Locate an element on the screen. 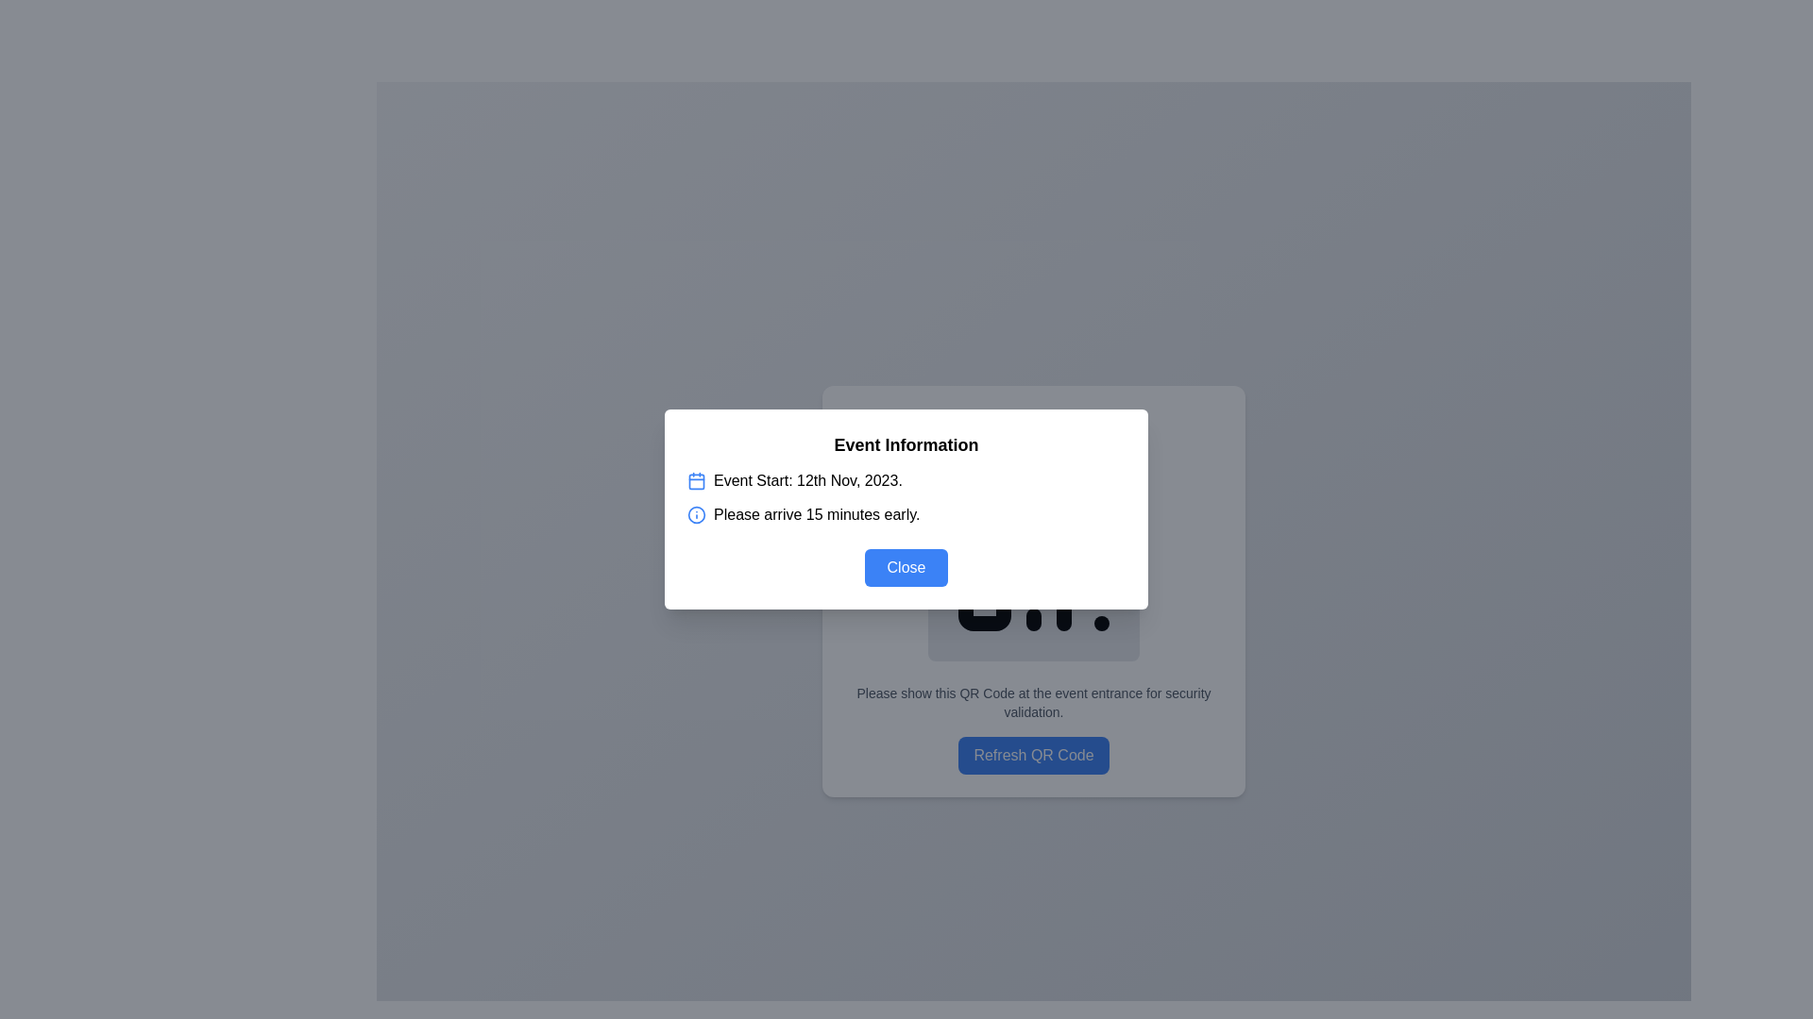  the 'Event Information' header, which is a bold, large font text located at the top of a centered popup card is located at coordinates (906, 444).